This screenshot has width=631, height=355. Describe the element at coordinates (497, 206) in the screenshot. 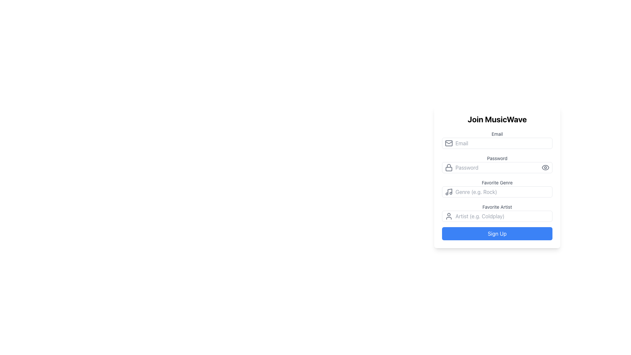

I see `the 'Favorite Artist' text label, which is a small gray text label located between the 'Favorite Genre' section and the 'Artist' input field` at that location.